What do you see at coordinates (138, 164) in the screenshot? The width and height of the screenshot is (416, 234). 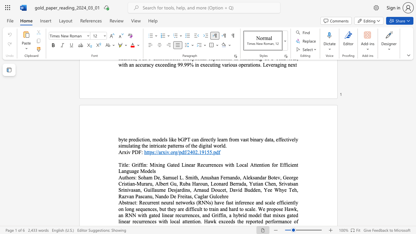 I see `the subset text "ffin: Mixing Gated Linear Recurrences w" within the text "Griffin: Mixing Gated Linear Recurrences with Local Attention for Efficient Language Models"` at bounding box center [138, 164].